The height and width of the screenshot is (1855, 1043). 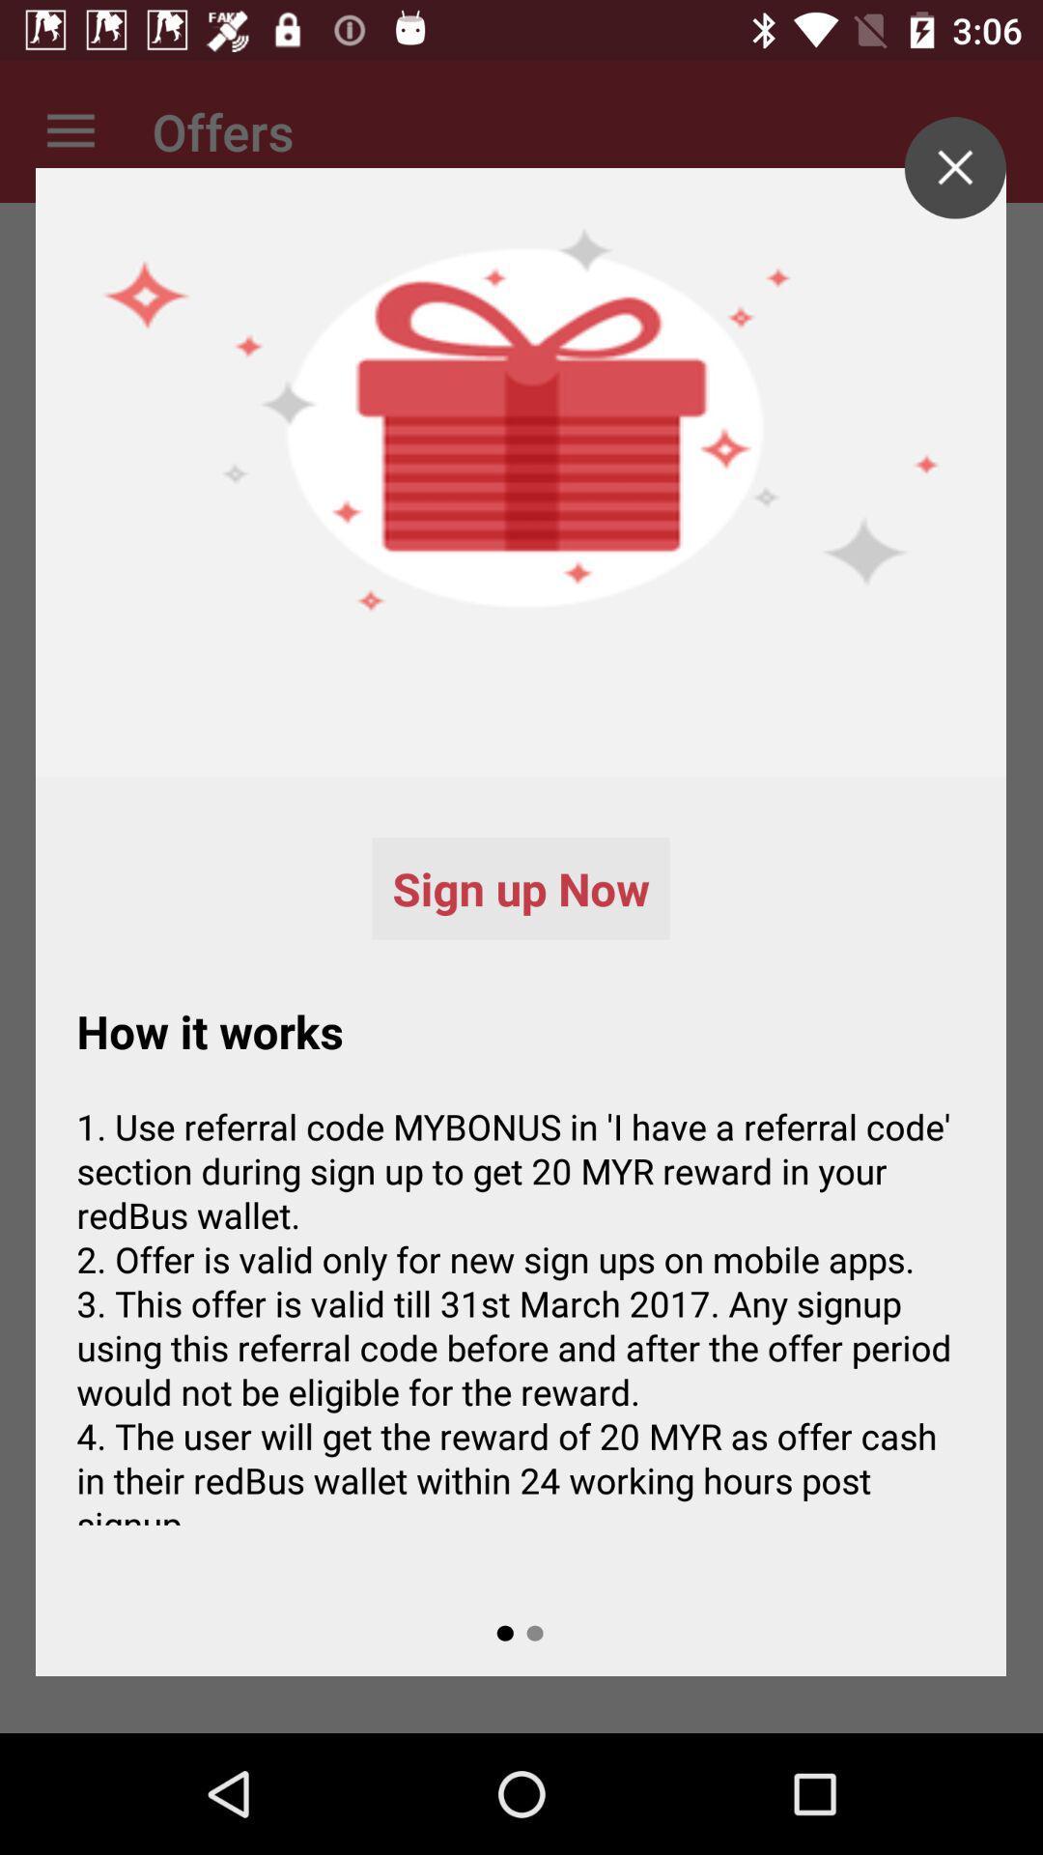 I want to click on item above the 1 use referral, so click(x=954, y=167).